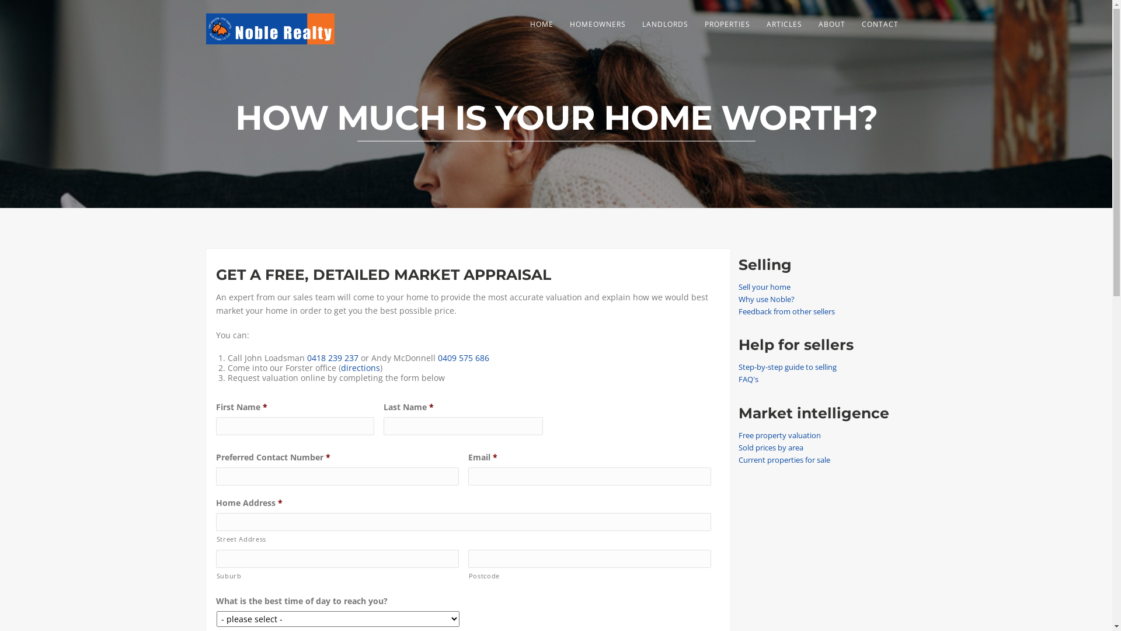 The image size is (1121, 631). I want to click on 'Step-by-step guide to selling', so click(787, 366).